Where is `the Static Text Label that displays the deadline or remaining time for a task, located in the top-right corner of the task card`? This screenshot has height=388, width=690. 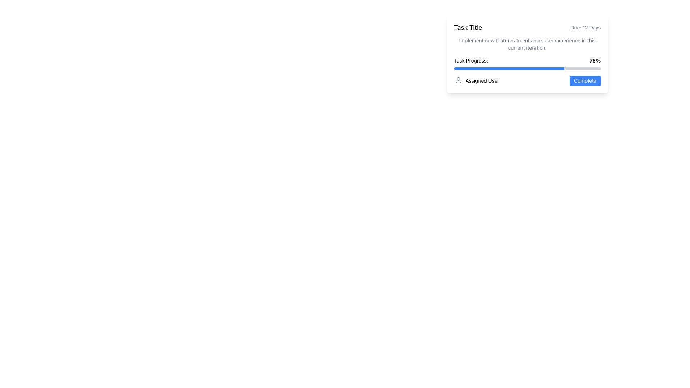
the Static Text Label that displays the deadline or remaining time for a task, located in the top-right corner of the task card is located at coordinates (585, 27).